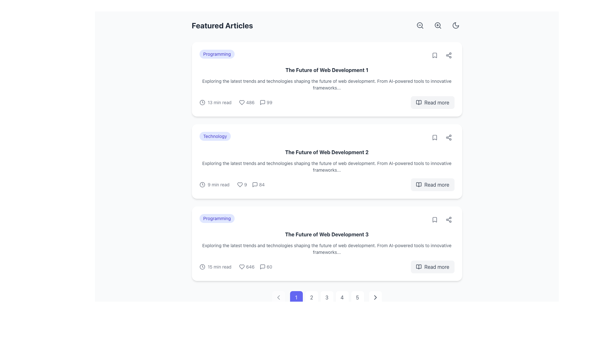 The height and width of the screenshot is (344, 612). I want to click on the navigational text label or hyperlink located in the bottom-right corner of the third article in the main content area, so click(436, 267).